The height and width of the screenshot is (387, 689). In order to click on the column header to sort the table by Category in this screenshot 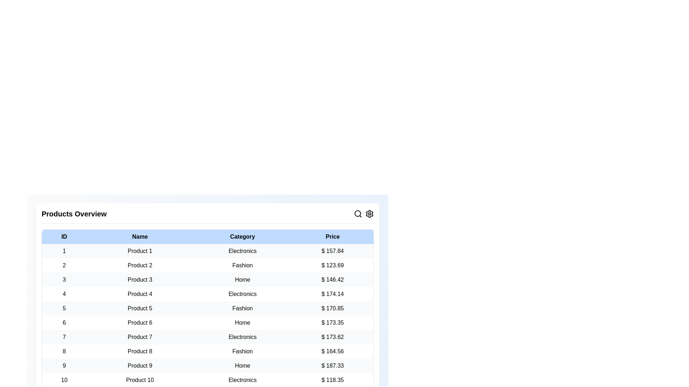, I will do `click(243, 236)`.